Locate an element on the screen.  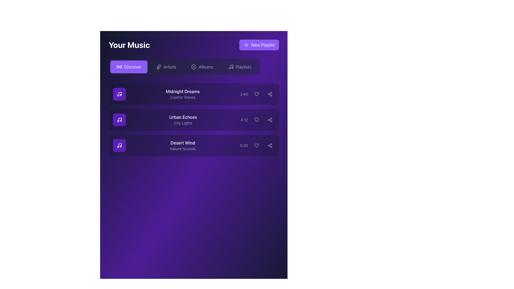
the second List Item Card that contains the text 'Urban Echoes', styled in white and bold, and is located below the 'Midnight Dreams' card is located at coordinates (194, 119).